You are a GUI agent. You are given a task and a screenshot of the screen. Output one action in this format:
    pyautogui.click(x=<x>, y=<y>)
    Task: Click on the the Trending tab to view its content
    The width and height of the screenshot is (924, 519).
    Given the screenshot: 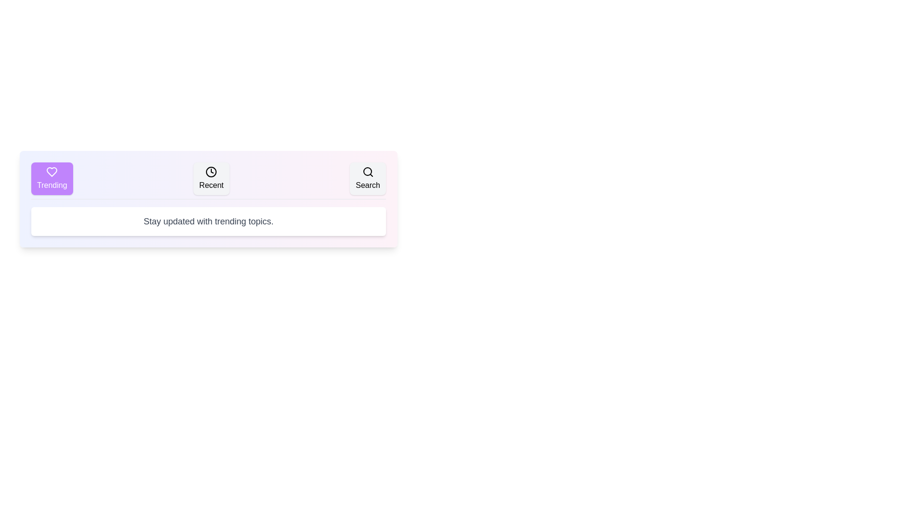 What is the action you would take?
    pyautogui.click(x=51, y=178)
    